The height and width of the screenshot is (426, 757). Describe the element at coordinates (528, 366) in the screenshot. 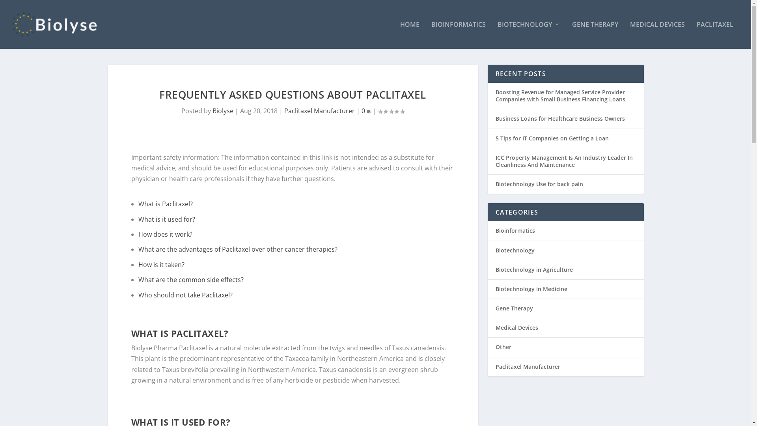

I see `'Paclitaxel Manufacturer'` at that location.